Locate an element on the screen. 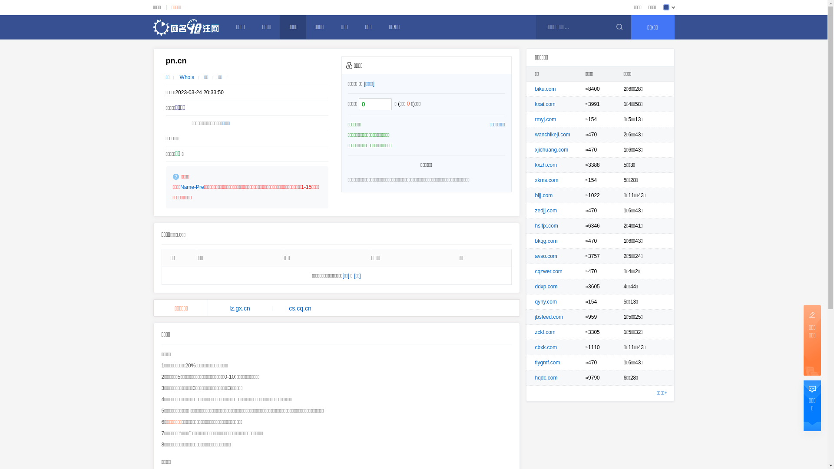 This screenshot has height=469, width=834. 'jbsfeed.com' is located at coordinates (549, 317).